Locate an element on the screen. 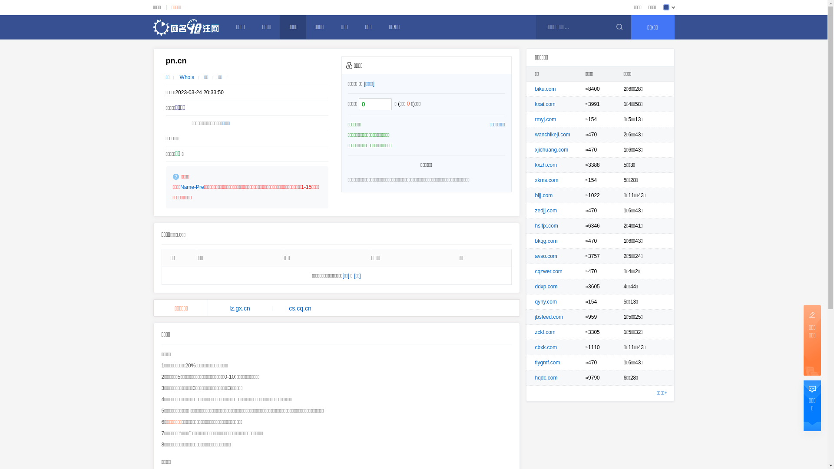 This screenshot has height=469, width=834. 'jbsfeed.com' is located at coordinates (549, 317).